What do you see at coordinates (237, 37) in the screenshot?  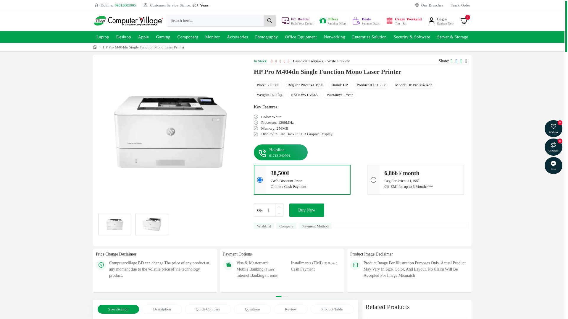 I see `'Accessories'` at bounding box center [237, 37].